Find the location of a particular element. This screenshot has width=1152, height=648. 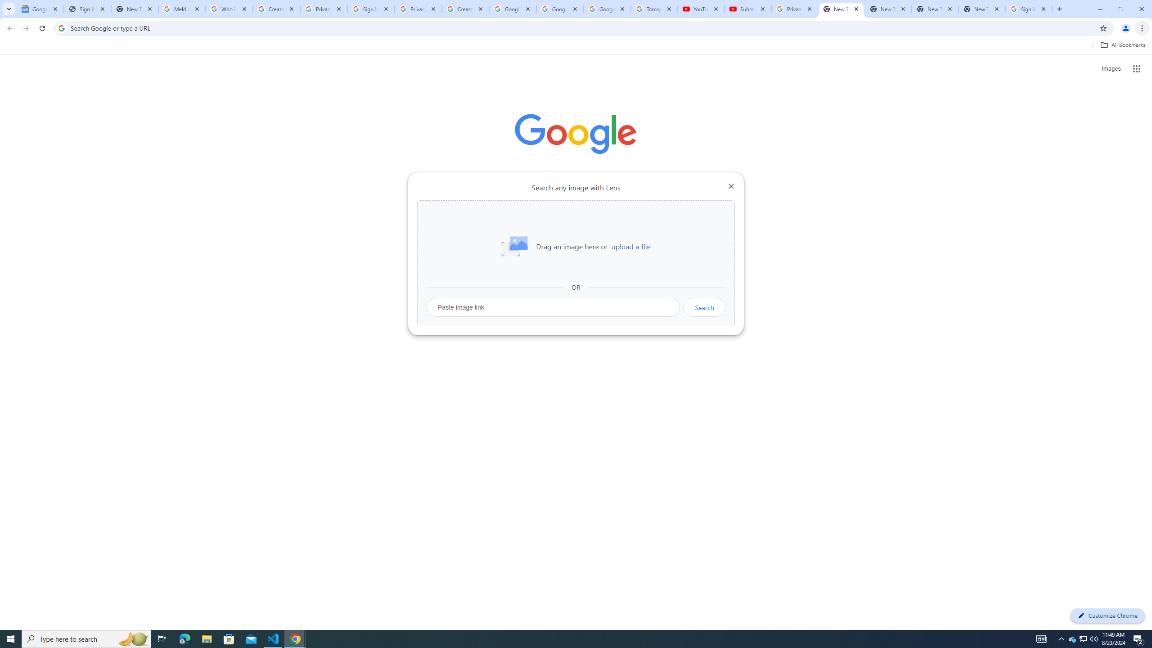

'YouTube' is located at coordinates (701, 9).